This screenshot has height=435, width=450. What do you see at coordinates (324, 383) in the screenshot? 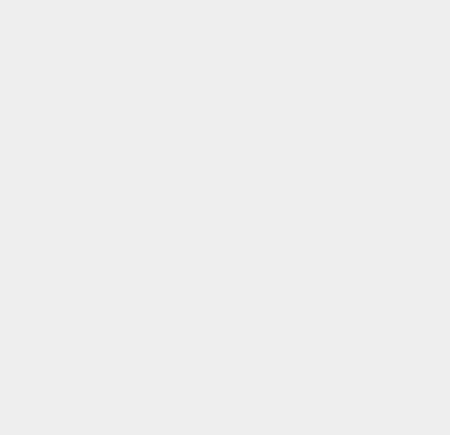
I see `'iOS 8'` at bounding box center [324, 383].